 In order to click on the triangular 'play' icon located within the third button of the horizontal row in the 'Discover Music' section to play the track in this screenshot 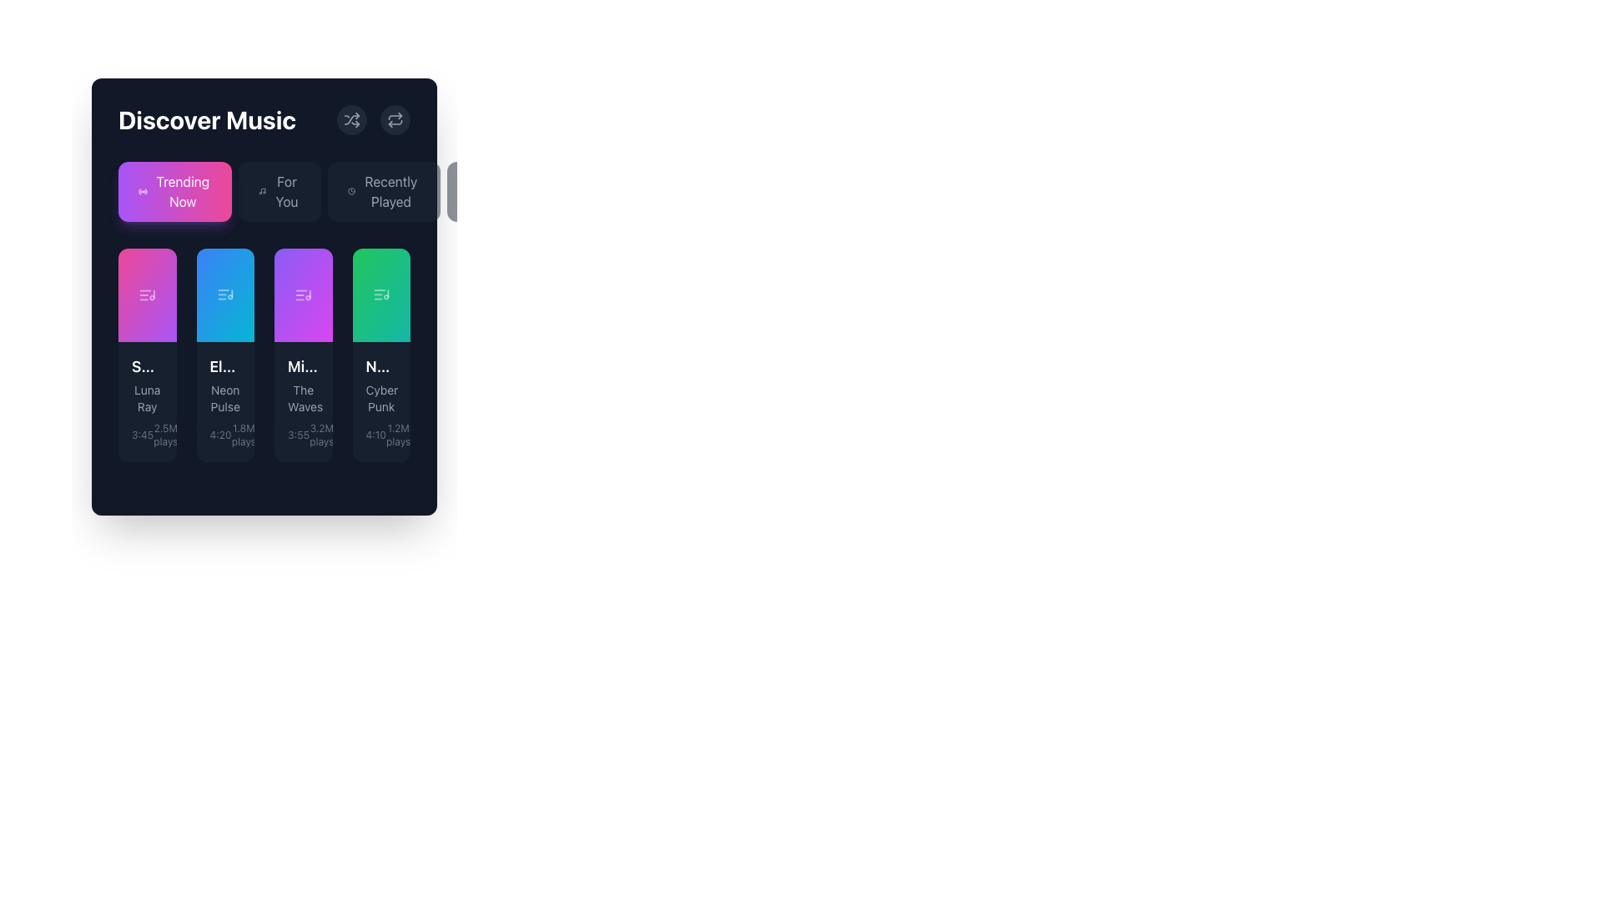, I will do `click(305, 294)`.